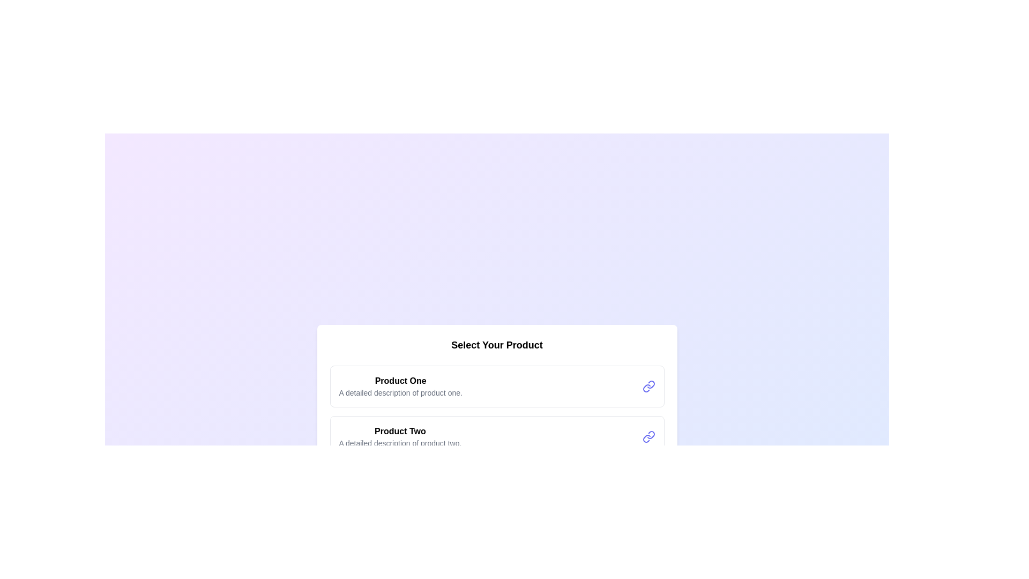 The width and height of the screenshot is (1029, 579). Describe the element at coordinates (648, 387) in the screenshot. I see `the blue link icon resembling a chain, located next to the description 'A detailed description of product one.' under the title 'Product One'` at that location.